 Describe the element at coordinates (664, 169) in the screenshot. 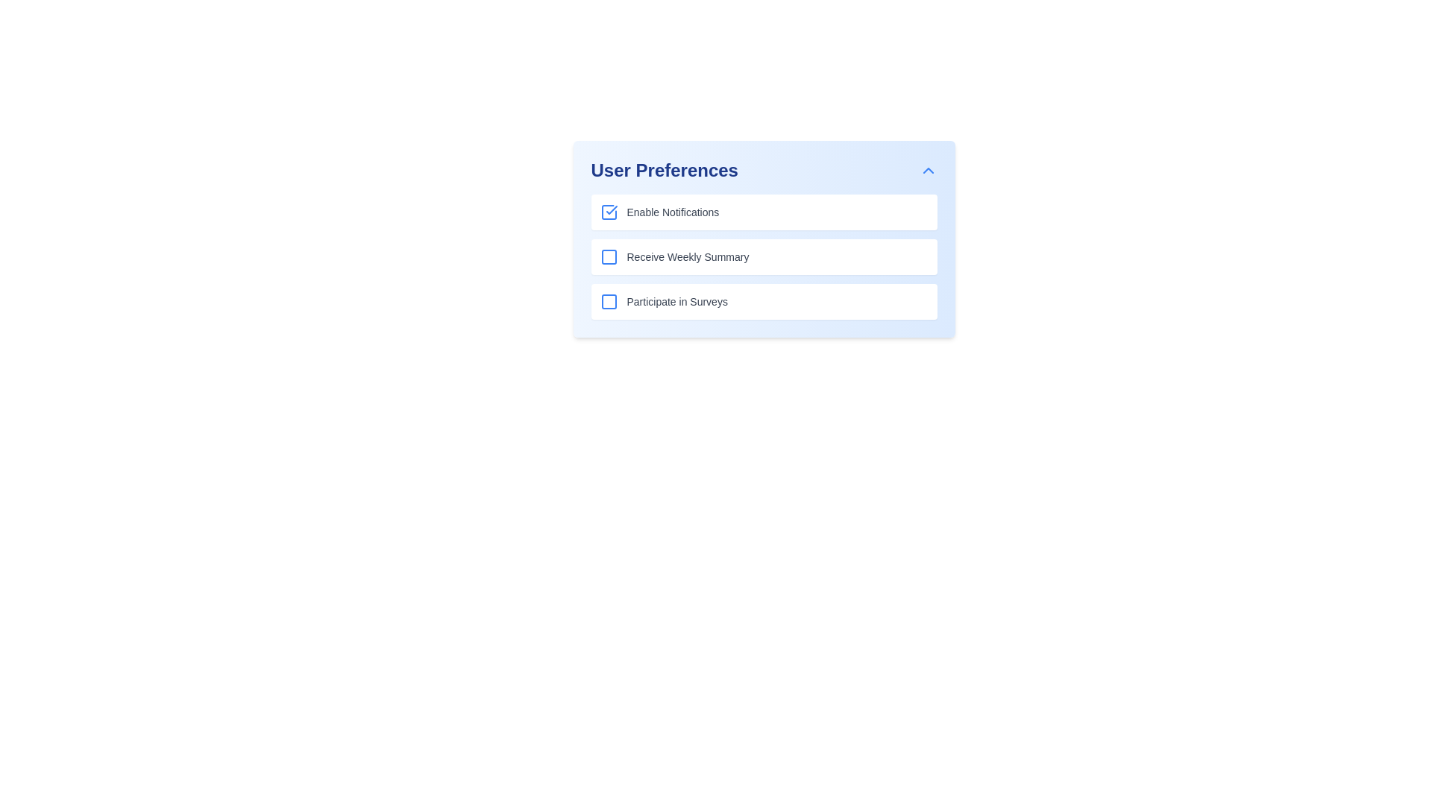

I see `the Text Display element that serves as a title for the user preferences section` at that location.